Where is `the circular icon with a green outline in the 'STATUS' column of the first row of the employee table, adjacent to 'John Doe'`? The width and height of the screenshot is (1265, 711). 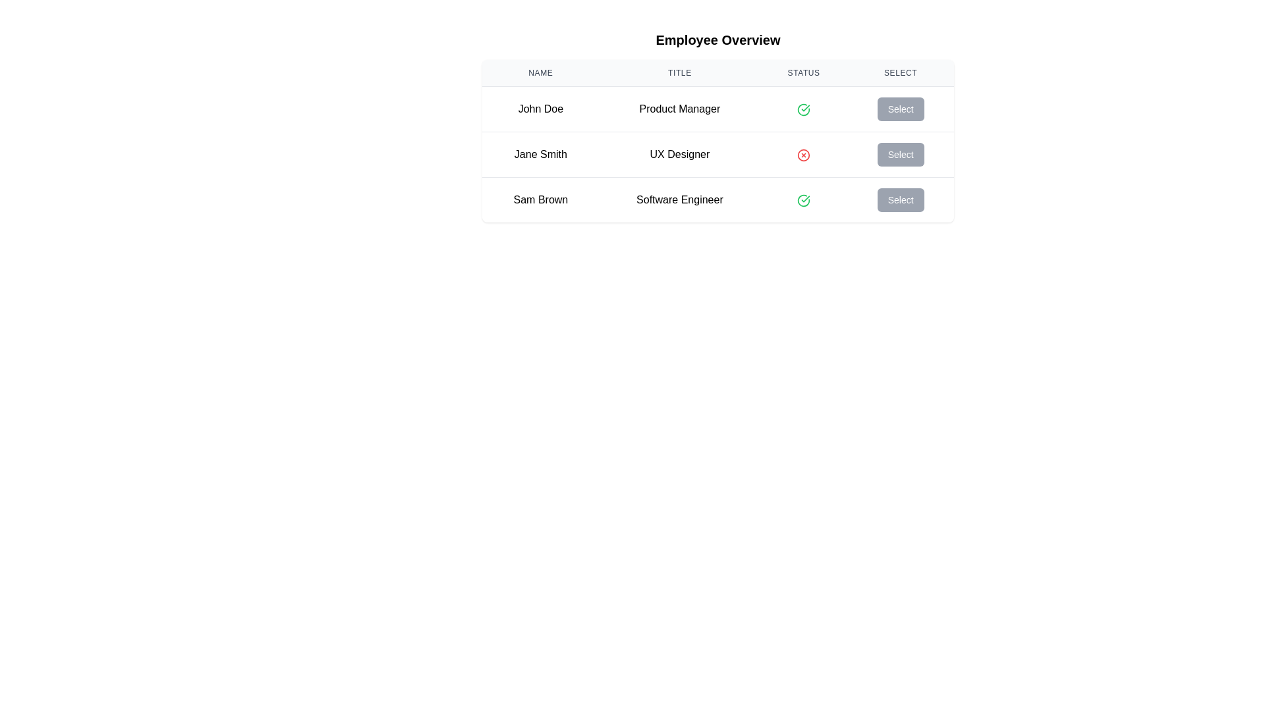 the circular icon with a green outline in the 'STATUS' column of the first row of the employee table, adjacent to 'John Doe' is located at coordinates (803, 200).